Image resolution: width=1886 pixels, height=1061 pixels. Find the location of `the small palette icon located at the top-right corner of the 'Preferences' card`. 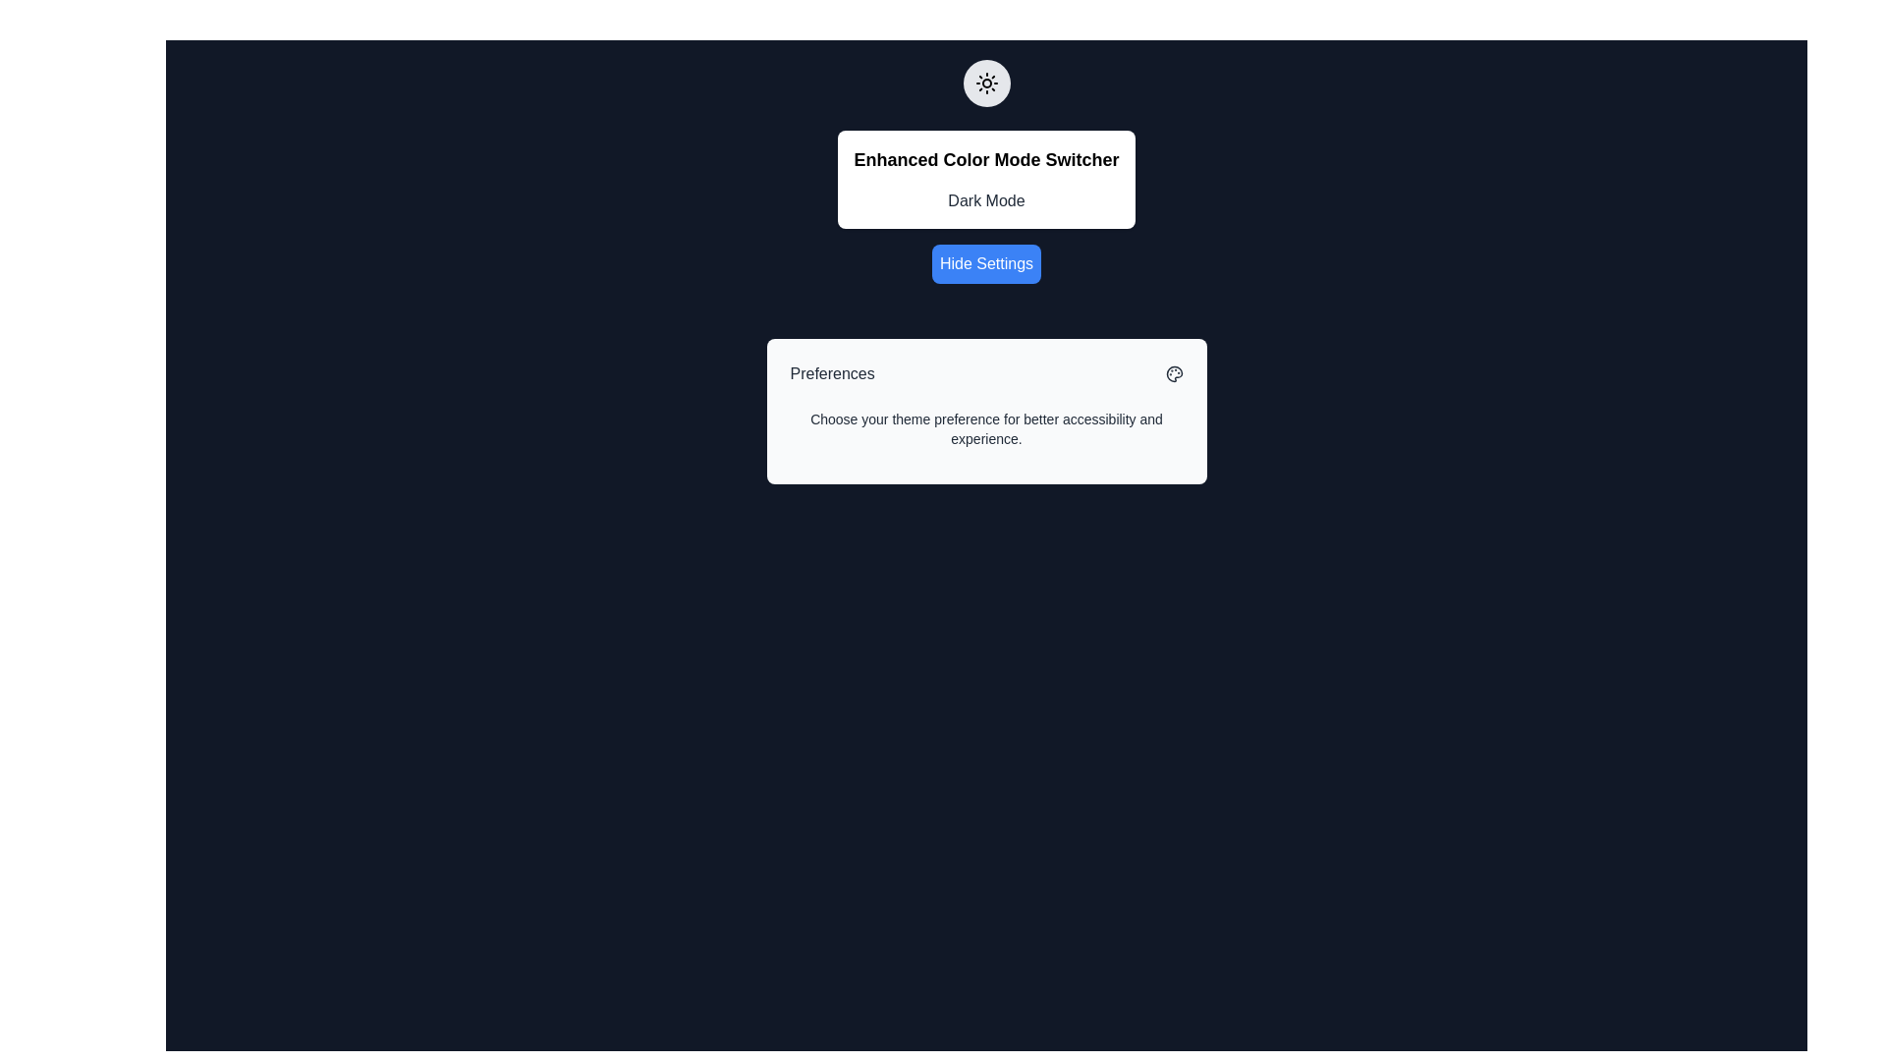

the small palette icon located at the top-right corner of the 'Preferences' card is located at coordinates (1174, 374).